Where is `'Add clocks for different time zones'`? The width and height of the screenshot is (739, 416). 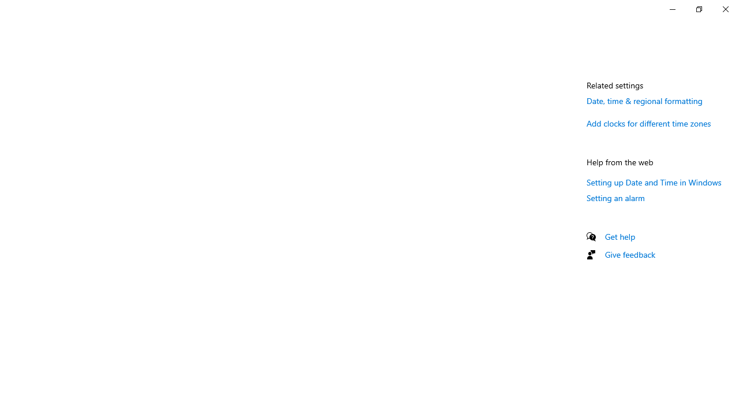 'Add clocks for different time zones' is located at coordinates (648, 123).